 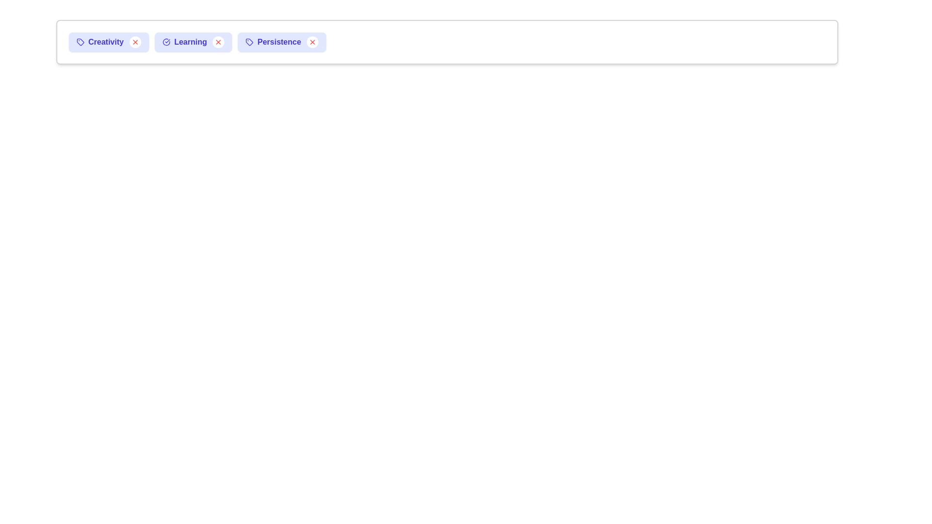 I want to click on the chip labeled Persistence to observe visual changes, so click(x=281, y=42).